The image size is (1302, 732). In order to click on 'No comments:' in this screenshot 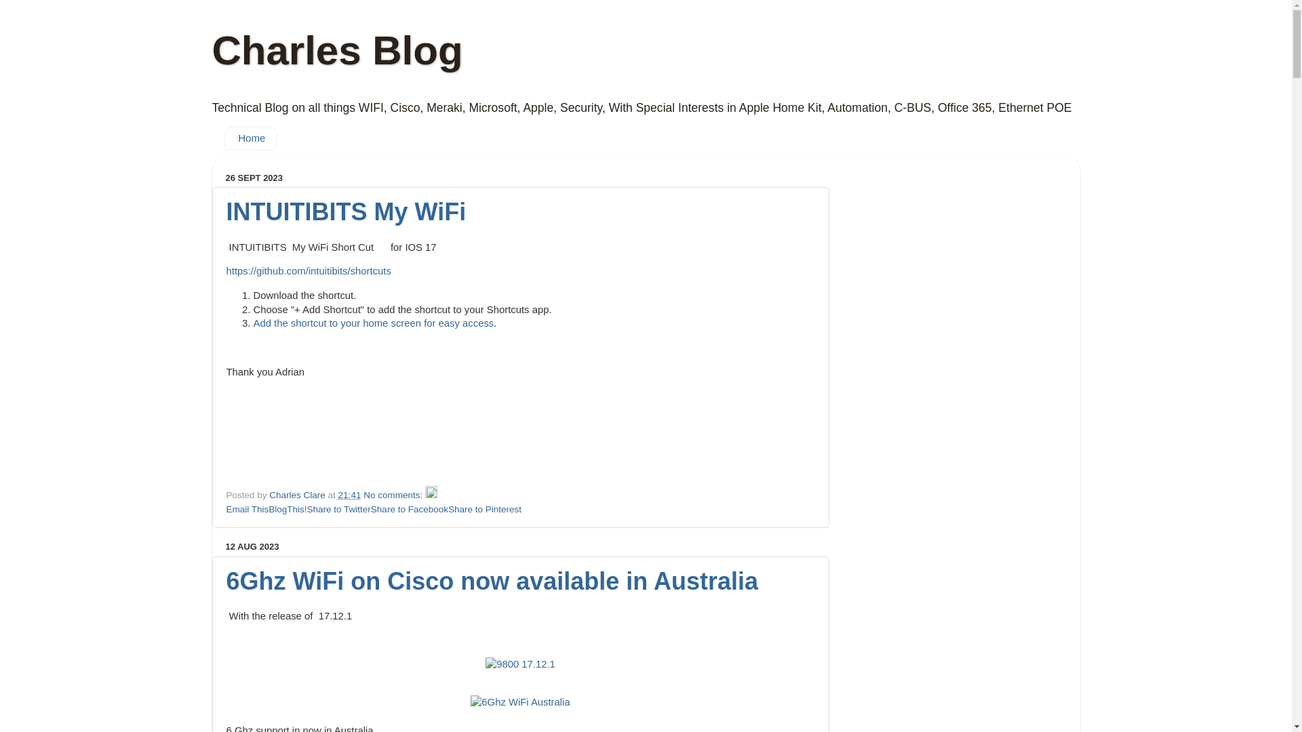, I will do `click(363, 495)`.